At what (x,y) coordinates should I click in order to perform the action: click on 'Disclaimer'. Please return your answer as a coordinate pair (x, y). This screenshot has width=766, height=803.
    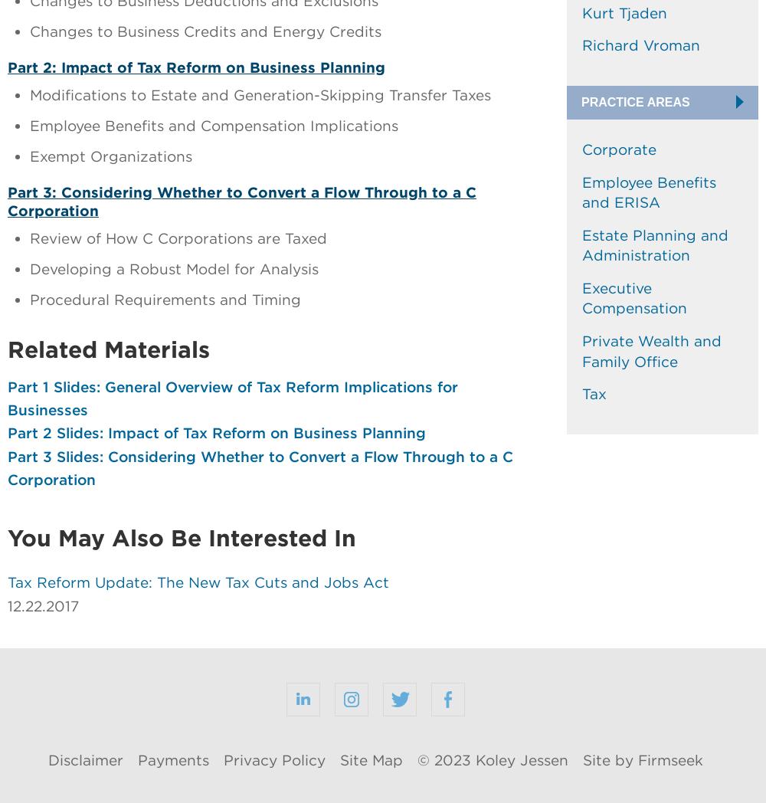
    Looking at the image, I should click on (47, 759).